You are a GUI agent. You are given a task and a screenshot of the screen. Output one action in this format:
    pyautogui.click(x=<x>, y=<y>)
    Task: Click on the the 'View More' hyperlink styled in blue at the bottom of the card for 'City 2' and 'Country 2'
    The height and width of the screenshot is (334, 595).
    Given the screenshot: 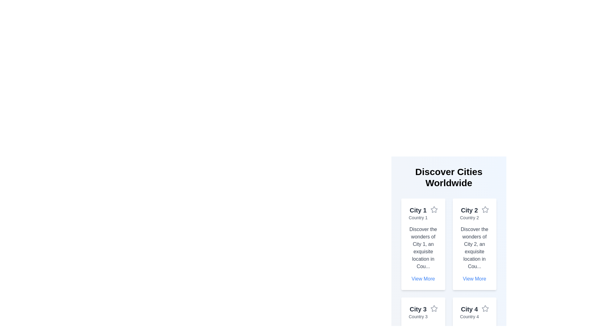 What is the action you would take?
    pyautogui.click(x=474, y=279)
    